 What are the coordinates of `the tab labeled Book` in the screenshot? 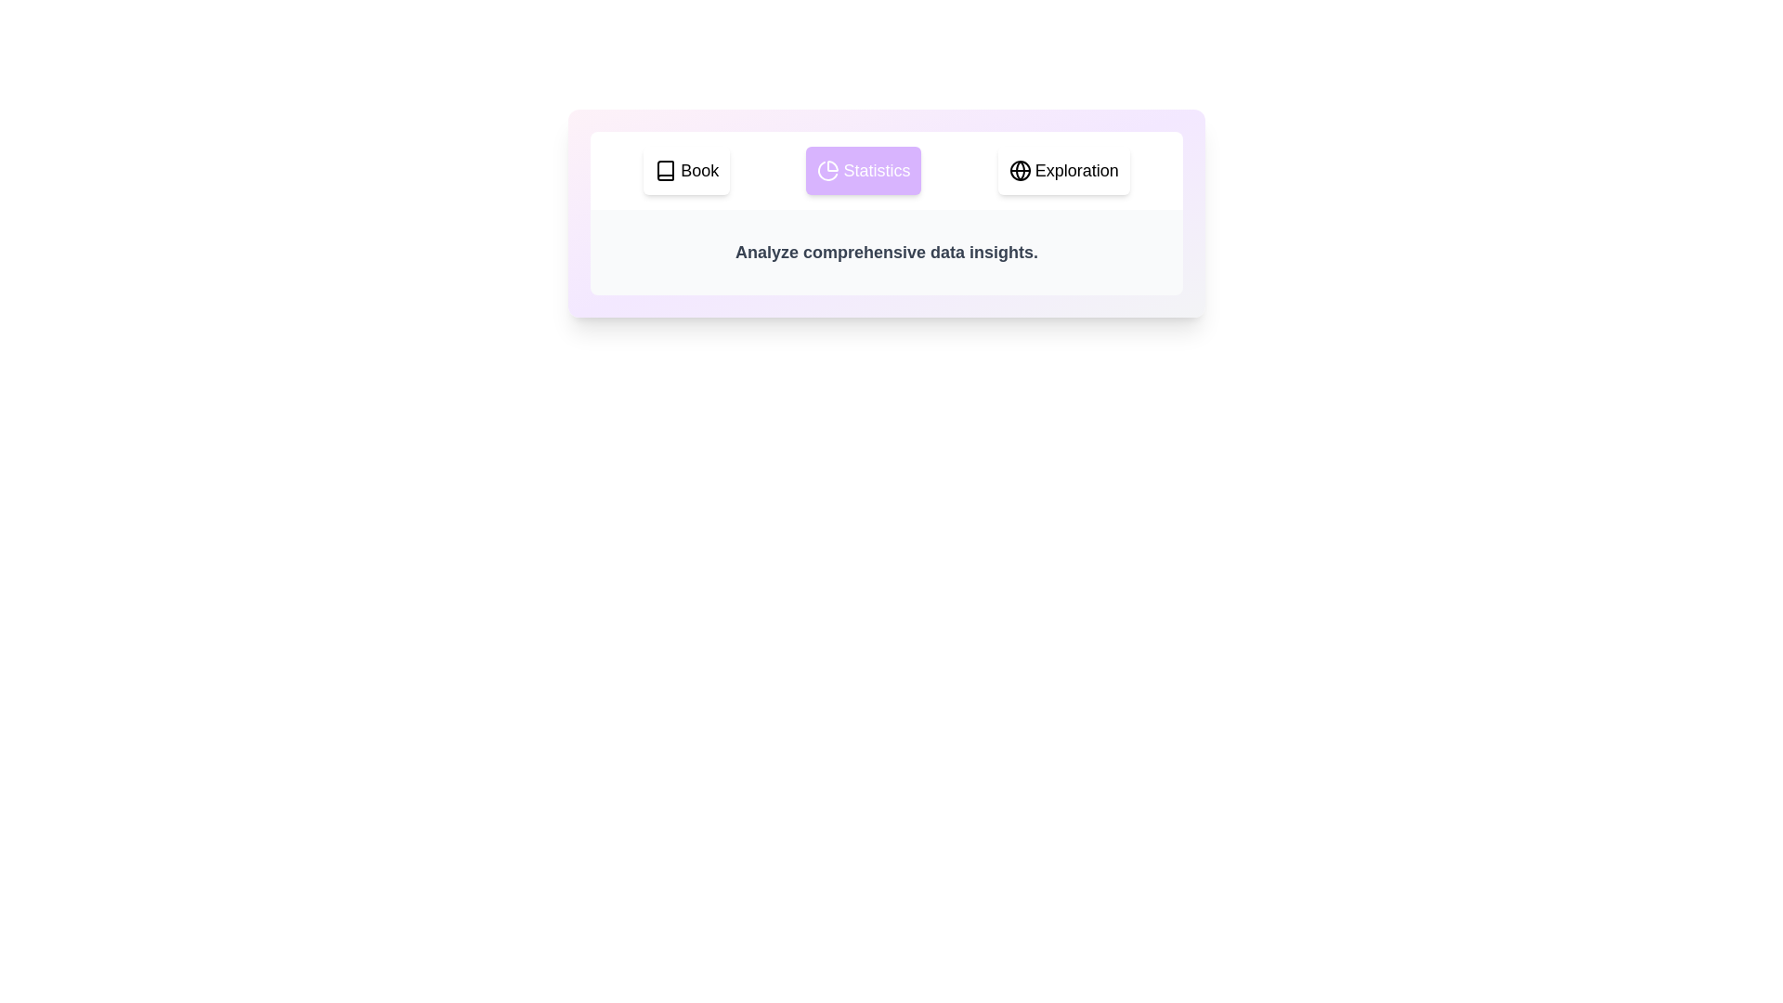 It's located at (685, 171).